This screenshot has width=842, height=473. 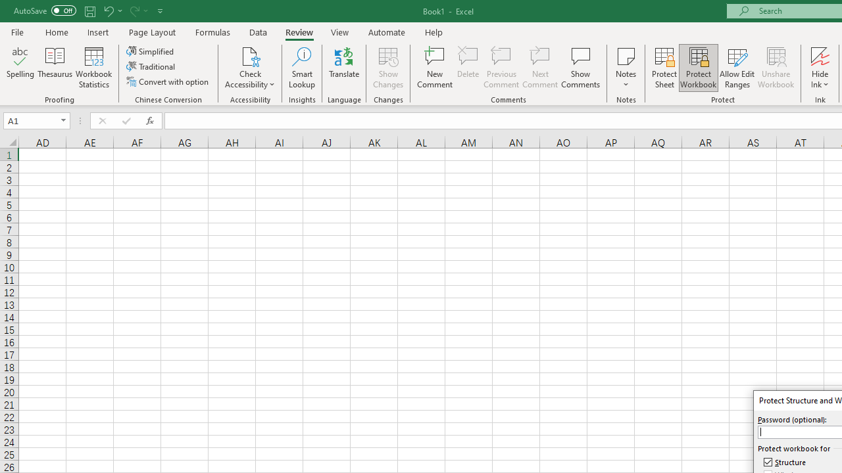 What do you see at coordinates (386, 32) in the screenshot?
I see `'Automate'` at bounding box center [386, 32].